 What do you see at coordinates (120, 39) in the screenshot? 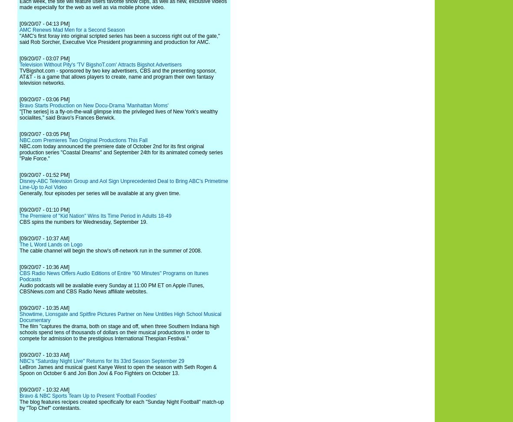
I see `'"AMC's first foray into original scripted series has been a success right out of the gate," said Rob Sorcher, Executive Vice President programming and production for AMC.'` at bounding box center [120, 39].